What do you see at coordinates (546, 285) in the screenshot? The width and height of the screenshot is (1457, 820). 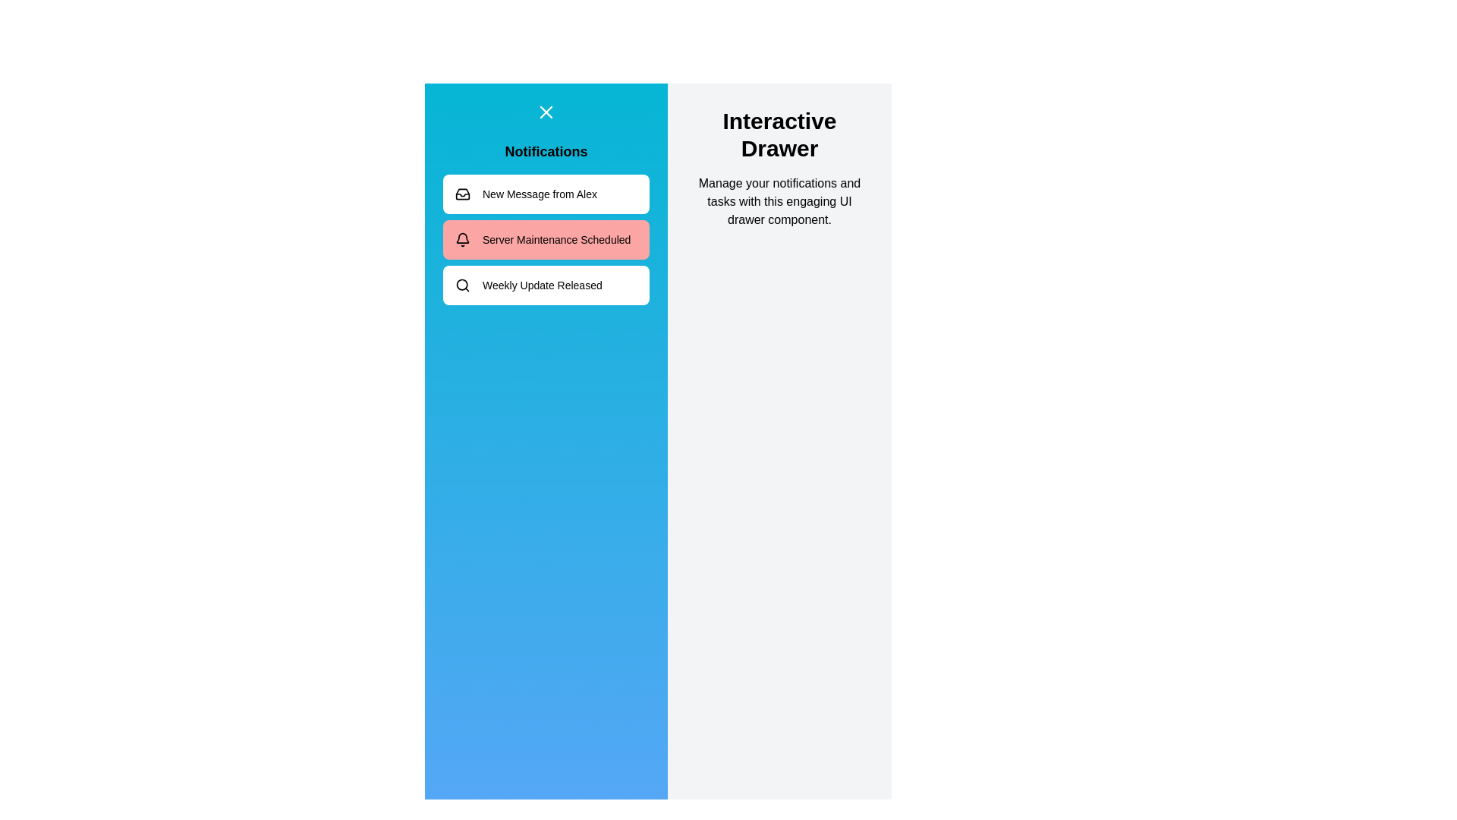 I see `the notification labeled 'Weekly Update Released'` at bounding box center [546, 285].